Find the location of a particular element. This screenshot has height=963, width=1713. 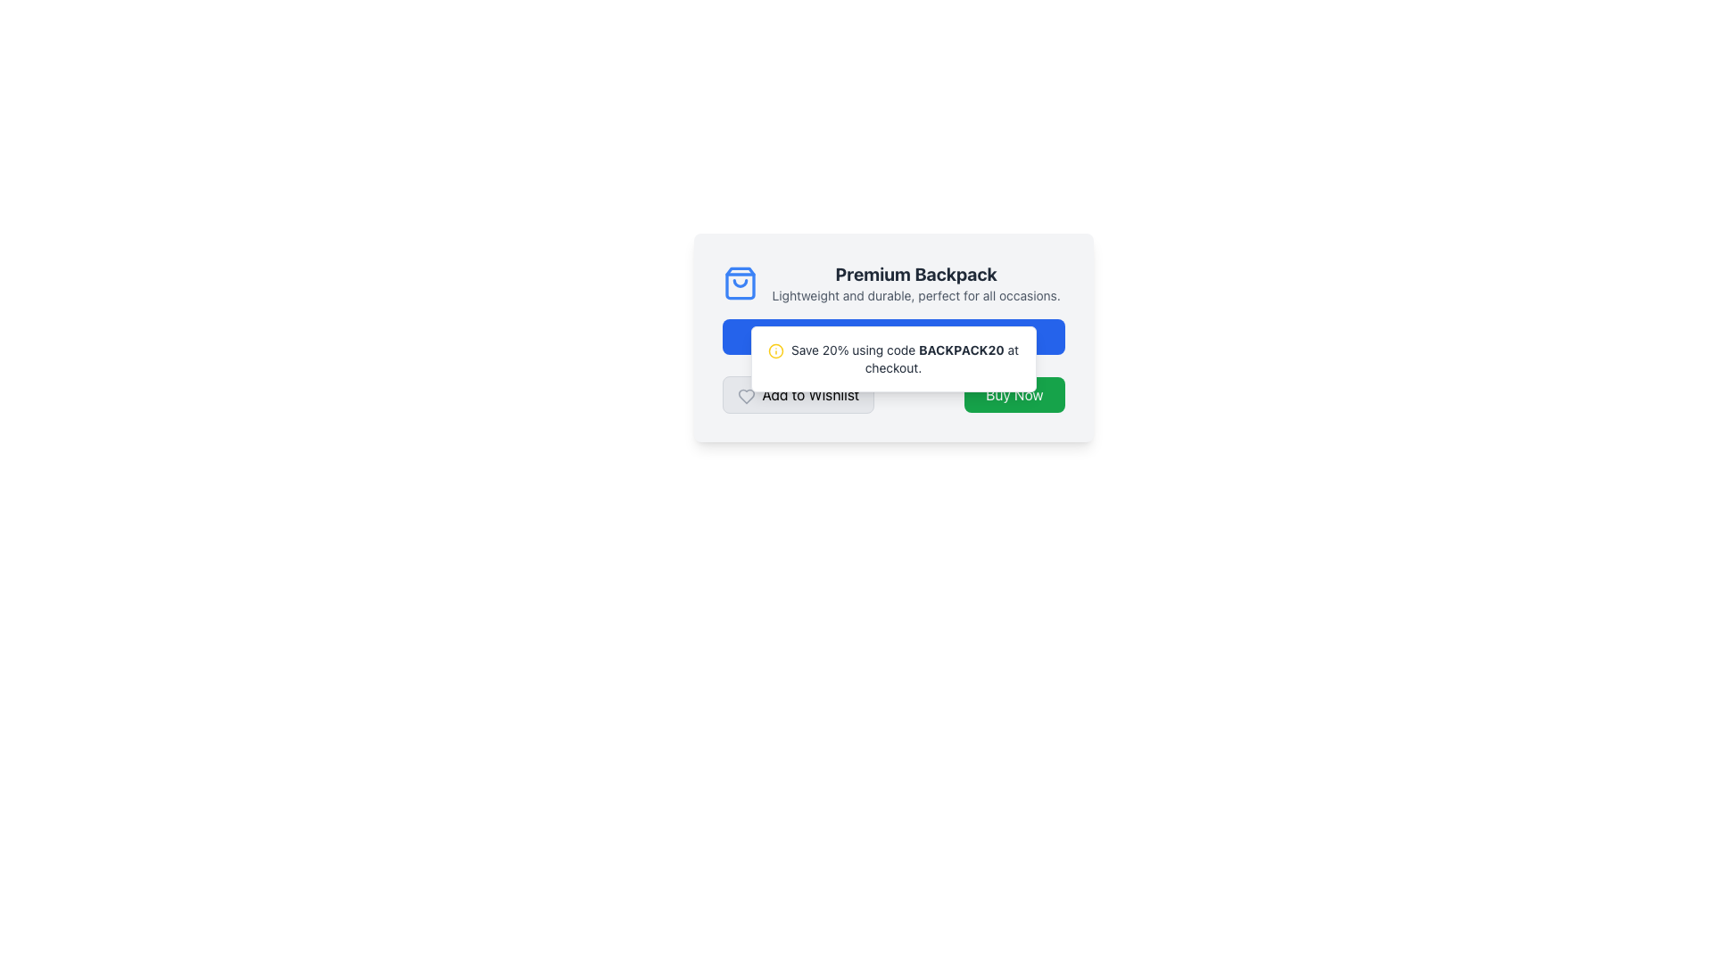

the promotional code text that allows users to input a discount code during the purchase process is located at coordinates (960, 350).